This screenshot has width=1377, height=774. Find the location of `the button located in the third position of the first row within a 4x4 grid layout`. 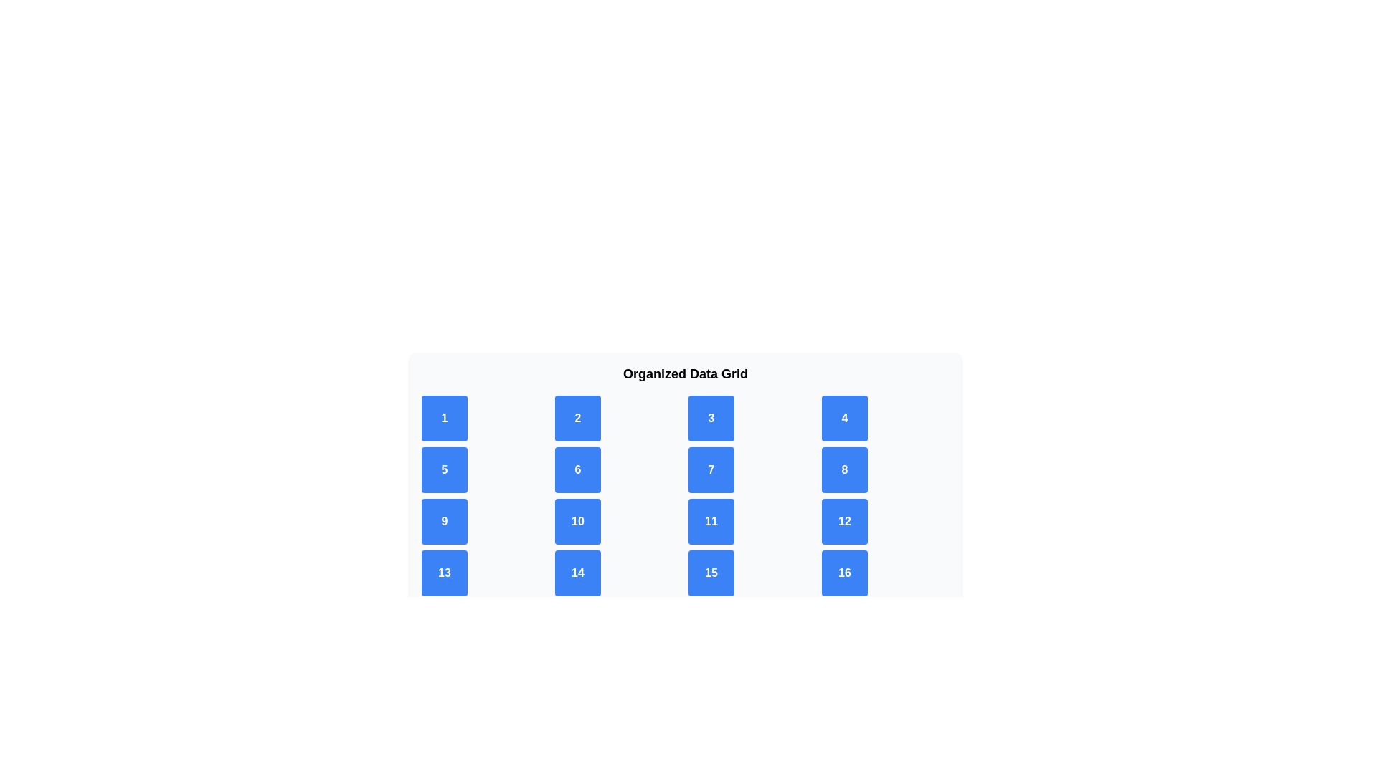

the button located in the third position of the first row within a 4x4 grid layout is located at coordinates (711, 418).